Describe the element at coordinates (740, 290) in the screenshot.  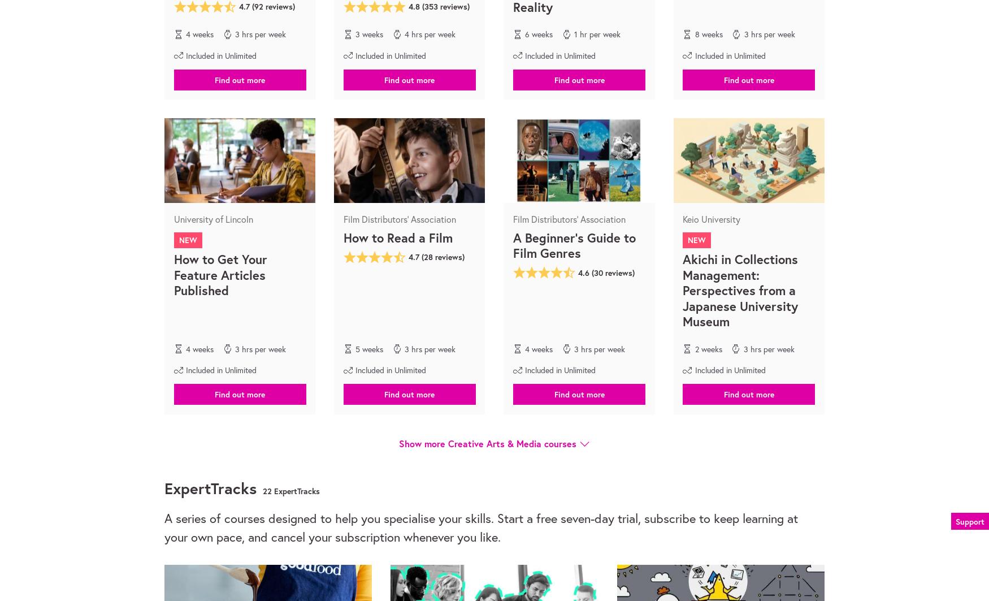
I see `'Akichi in Collections Management: Perspectives from a Japanese University Museum'` at that location.